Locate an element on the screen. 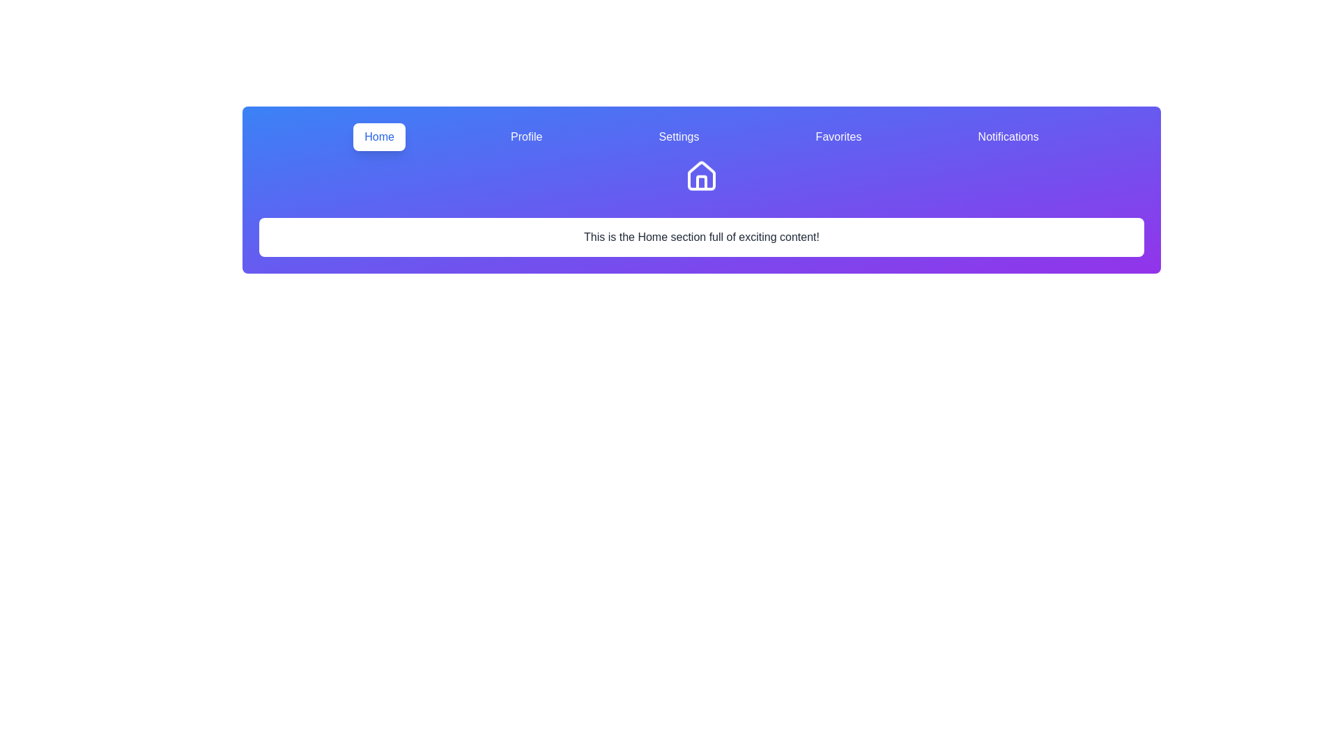 The height and width of the screenshot is (752, 1338). the Notifications button in the top-right corner of the navigation menu is located at coordinates (1008, 136).